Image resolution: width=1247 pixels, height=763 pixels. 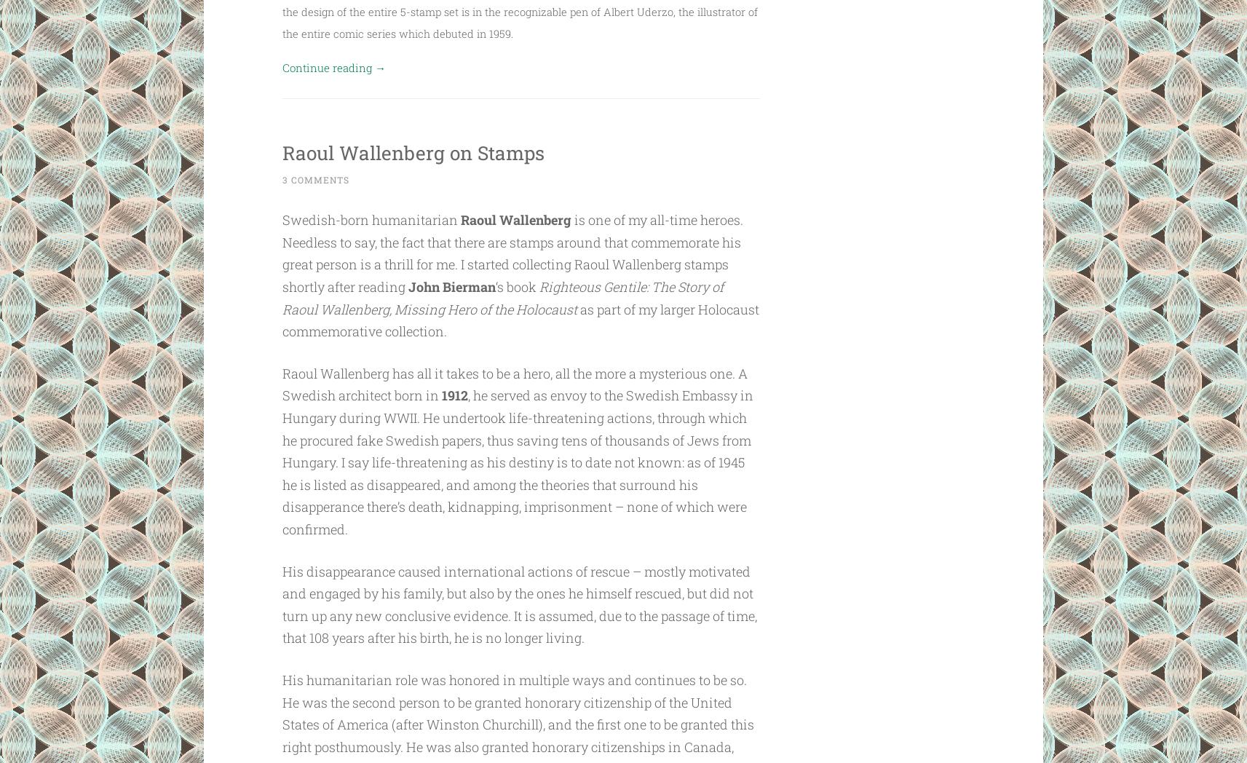 I want to click on 'Raoul Wallenberg', so click(x=517, y=219).